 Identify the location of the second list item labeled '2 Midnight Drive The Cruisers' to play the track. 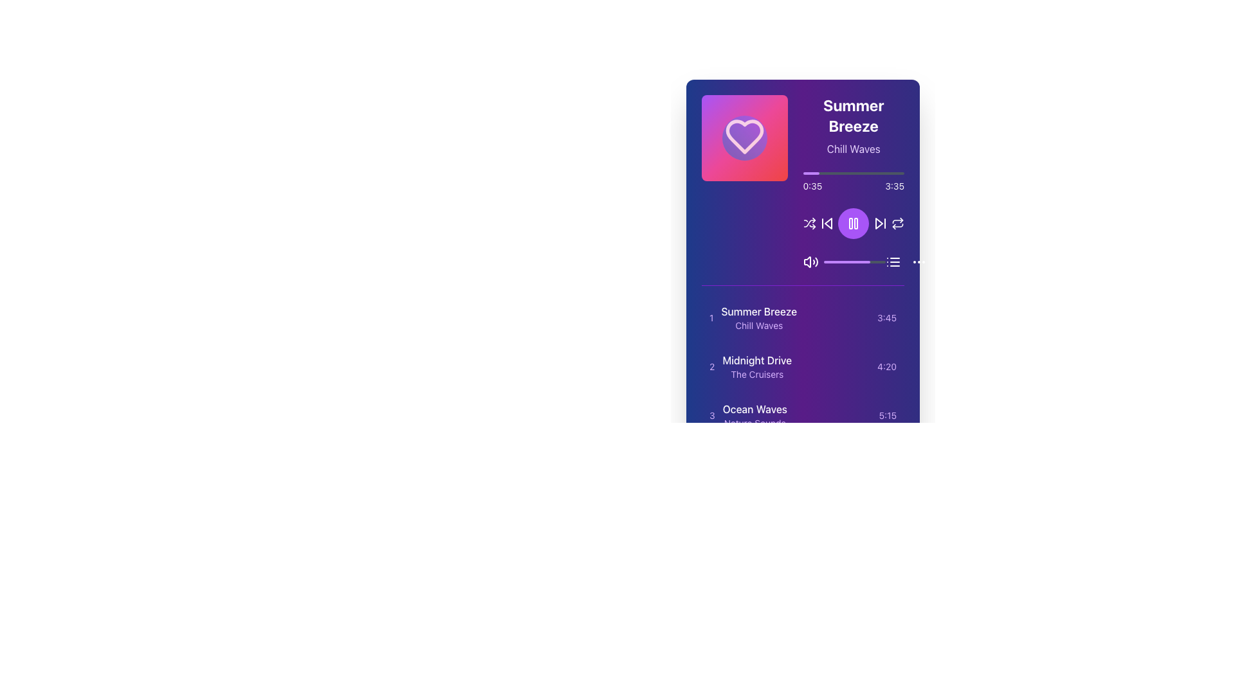
(802, 366).